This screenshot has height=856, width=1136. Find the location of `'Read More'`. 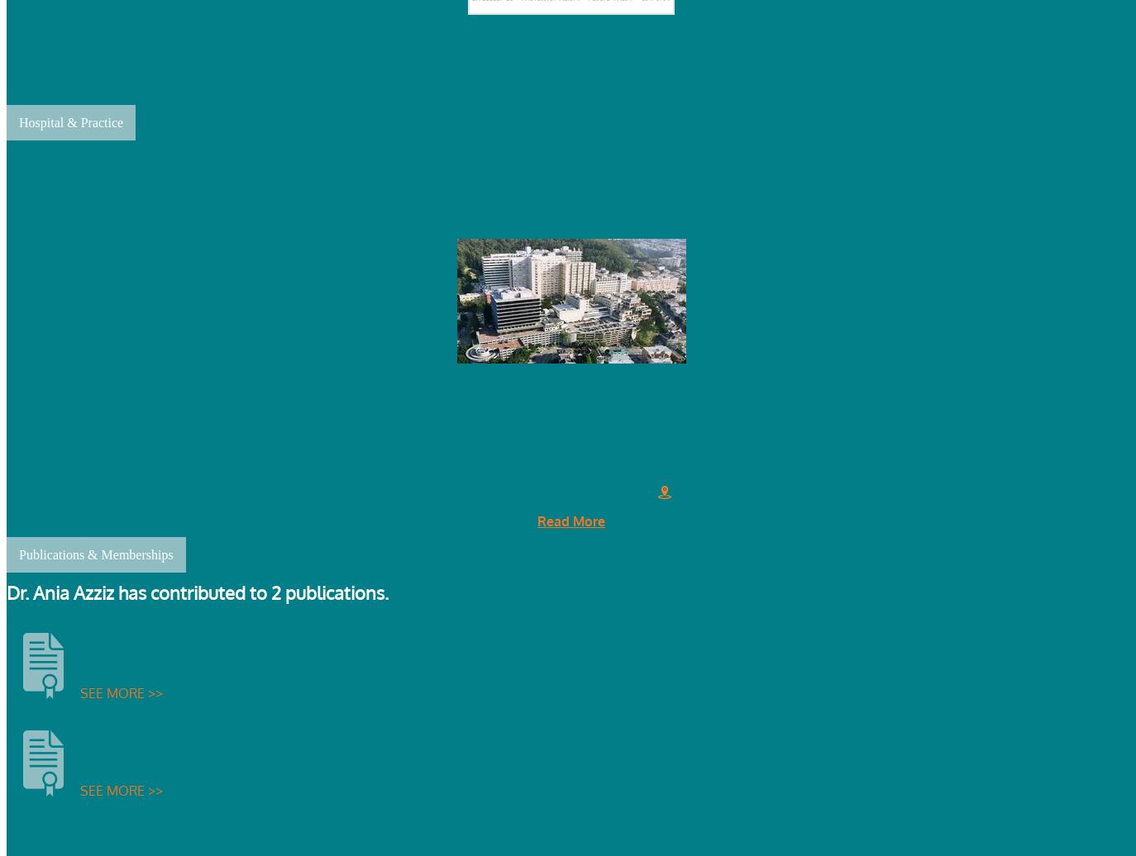

'Read More' is located at coordinates (570, 520).